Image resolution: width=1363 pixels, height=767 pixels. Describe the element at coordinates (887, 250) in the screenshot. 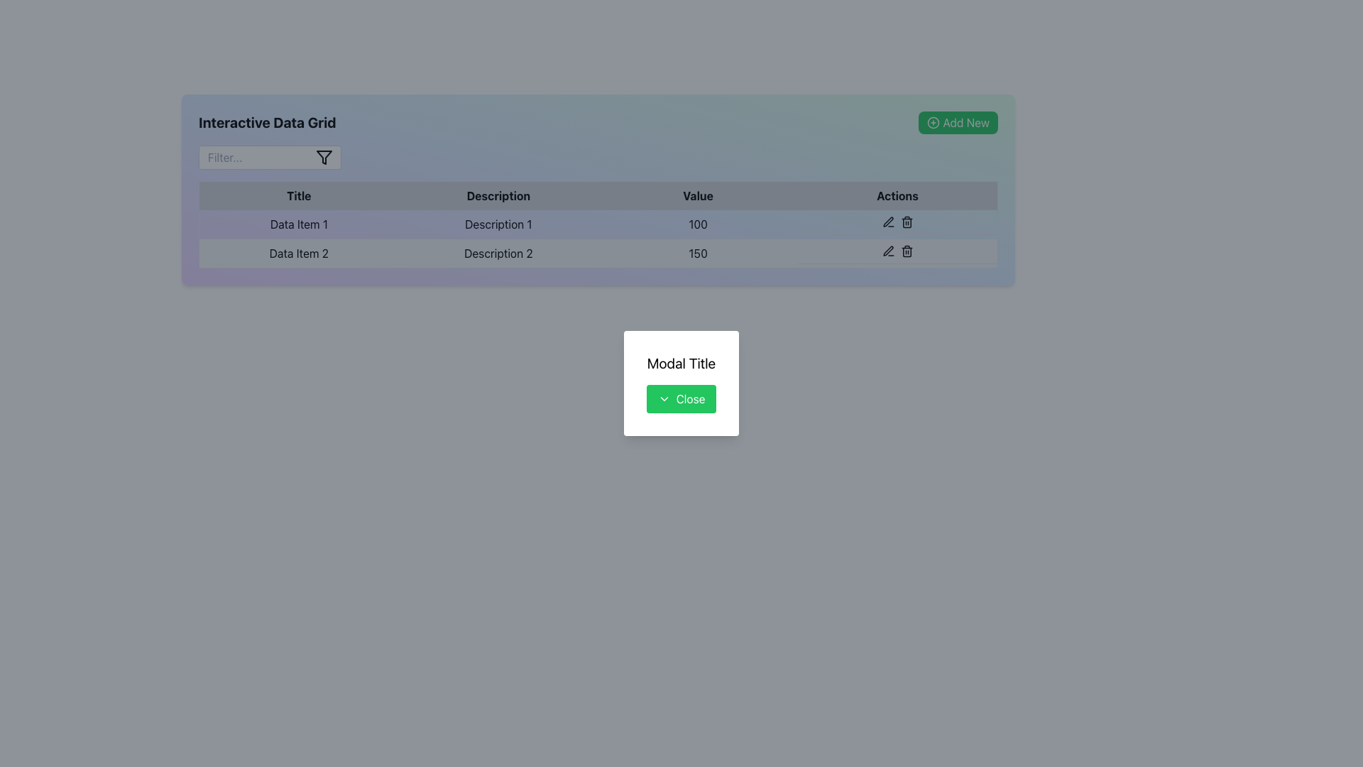

I see `the edit icon located in the Actions column of the second row of the data grid` at that location.